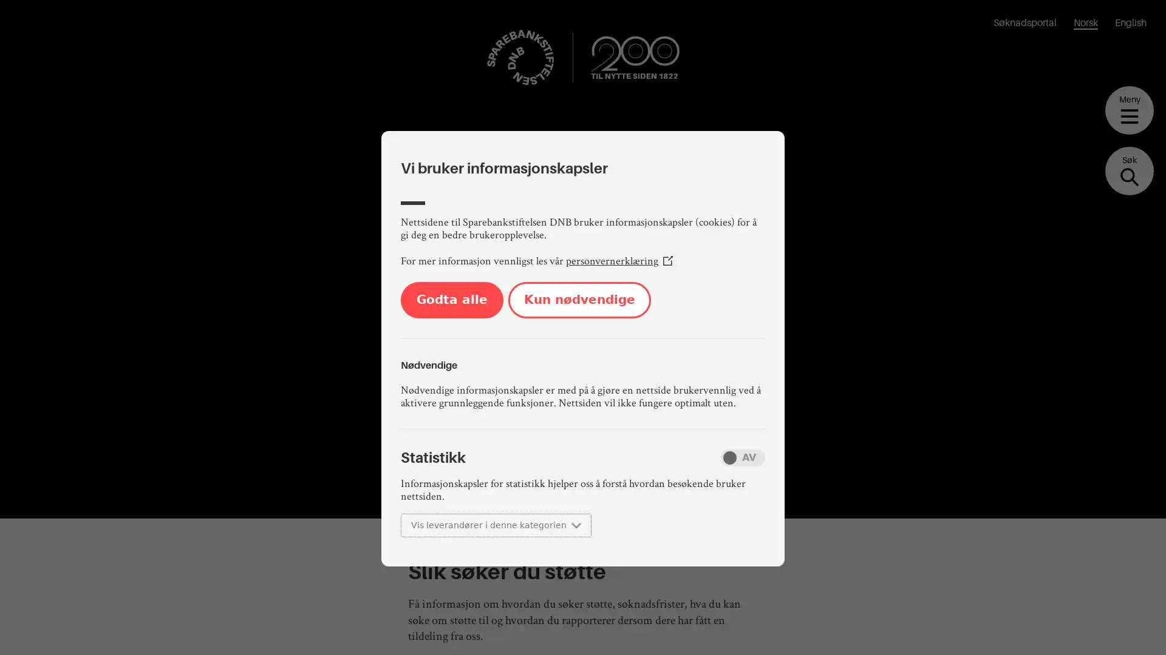 This screenshot has width=1166, height=655. I want to click on Godta alle, so click(451, 300).